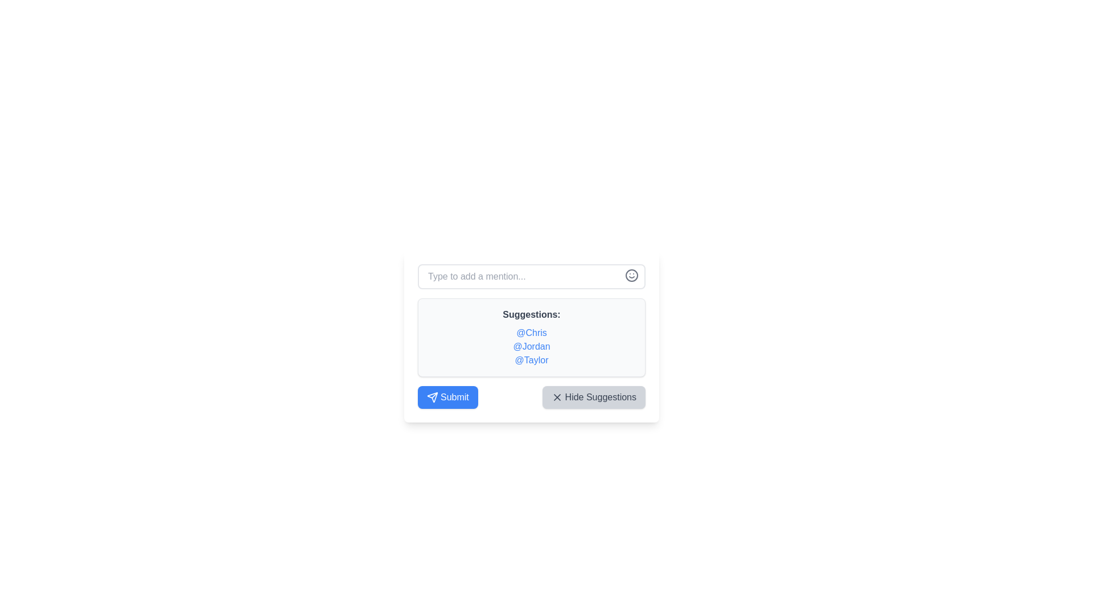 The image size is (1093, 615). What do you see at coordinates (557, 397) in the screenshot?
I see `the cross icon within the 'Hide Suggestions' button located in the bottom-right corner of the suggestion box to hide the suggestions` at bounding box center [557, 397].